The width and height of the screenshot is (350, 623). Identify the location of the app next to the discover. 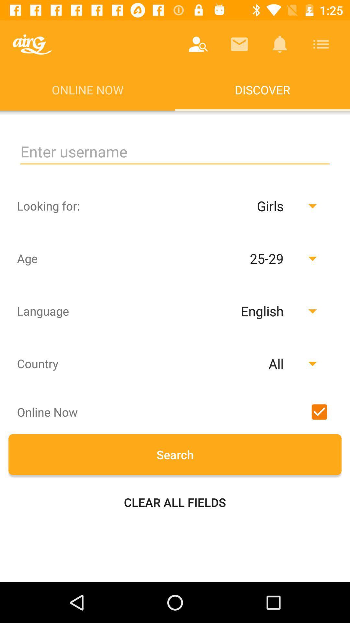
(32, 44).